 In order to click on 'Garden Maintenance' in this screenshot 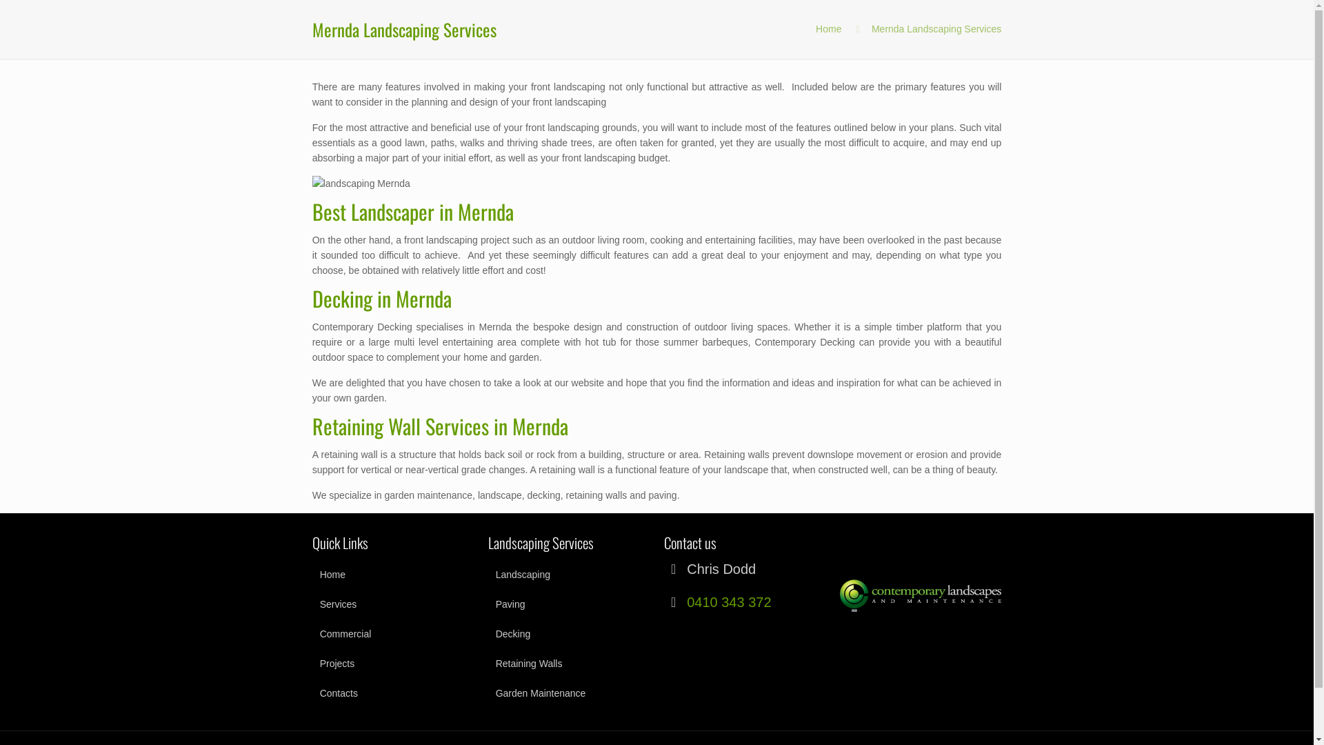, I will do `click(569, 693)`.